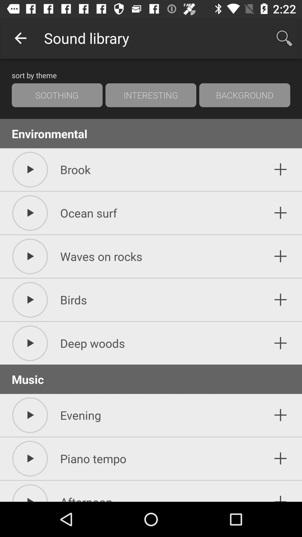  I want to click on the soothing, so click(57, 95).